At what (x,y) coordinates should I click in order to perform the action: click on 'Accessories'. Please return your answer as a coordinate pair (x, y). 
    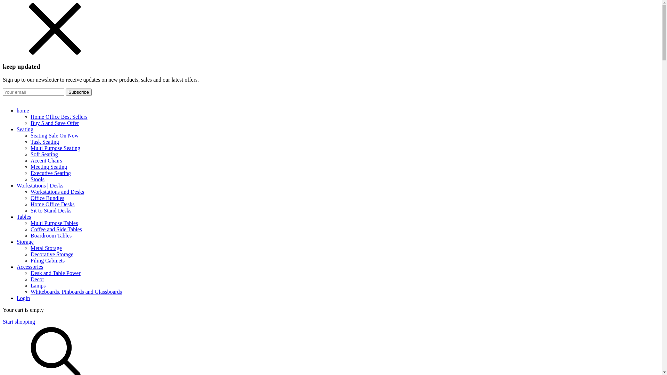
    Looking at the image, I should click on (338, 266).